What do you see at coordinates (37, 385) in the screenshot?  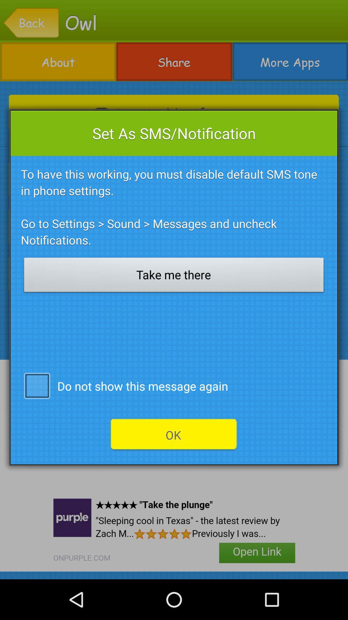 I see `the icon on the left` at bounding box center [37, 385].